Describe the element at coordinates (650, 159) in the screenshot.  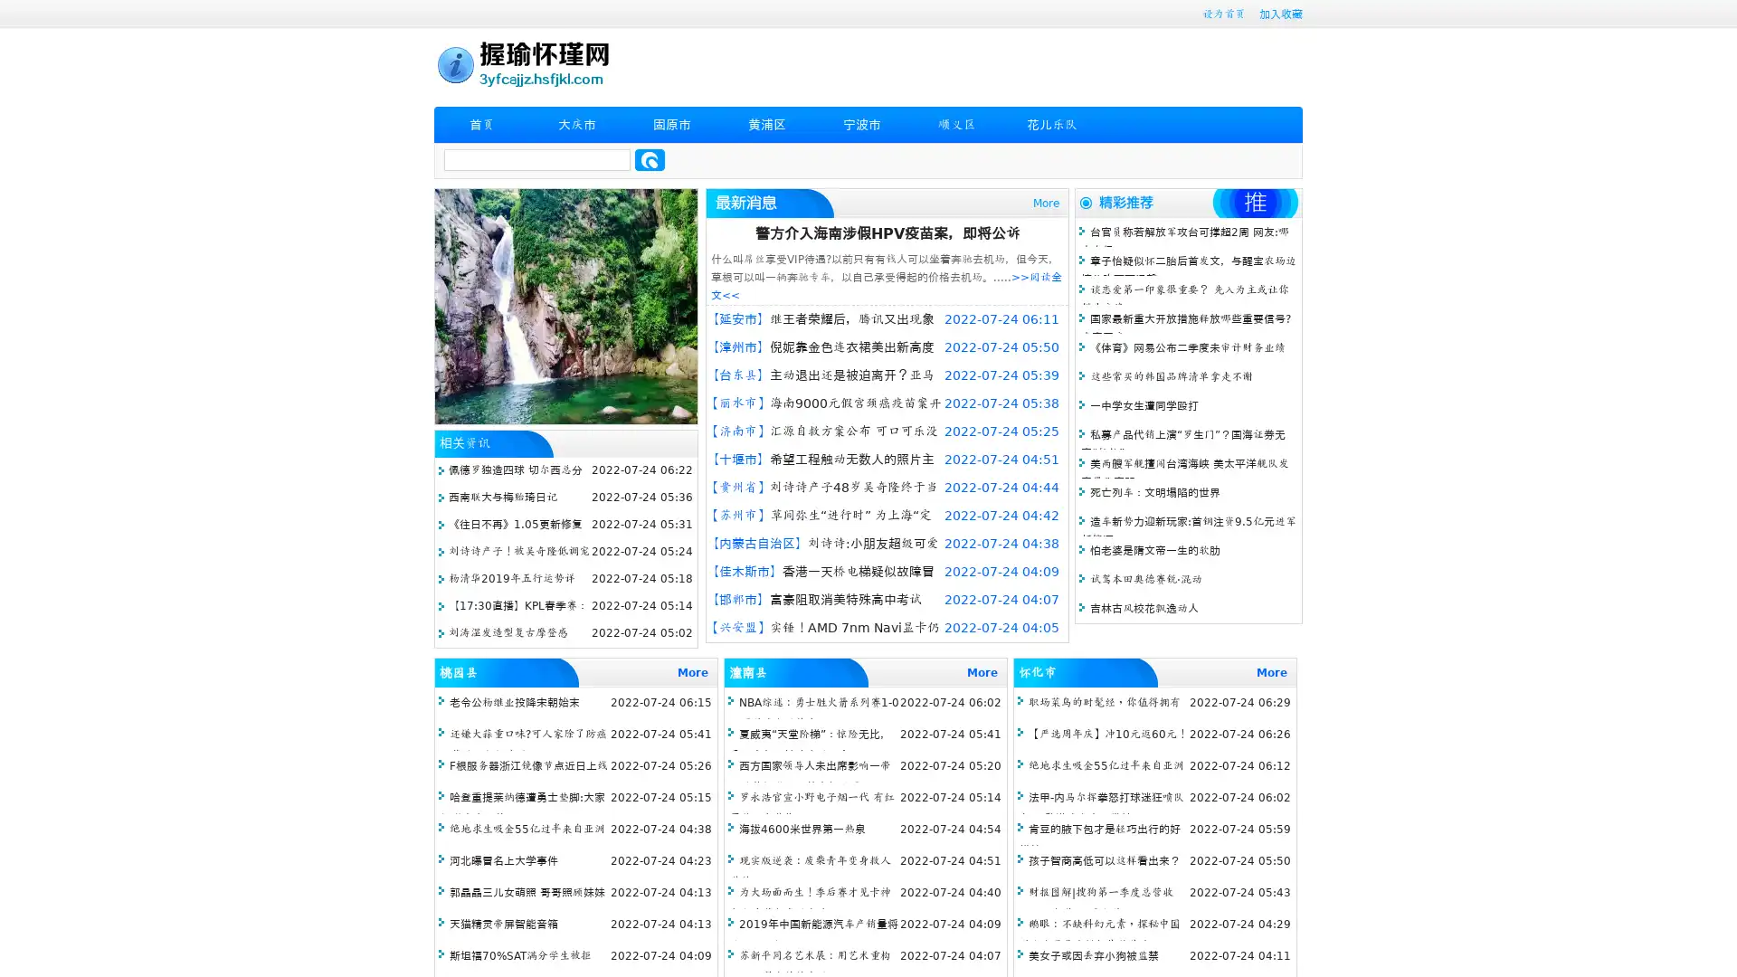
I see `Search` at that location.